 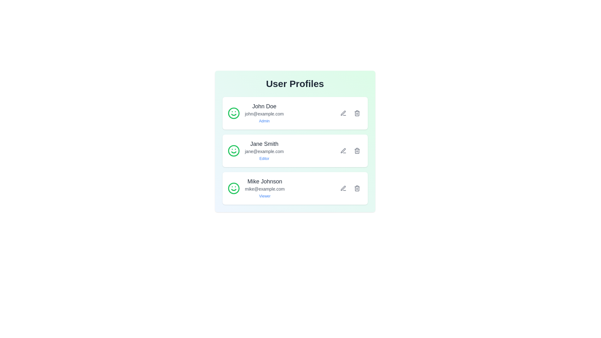 I want to click on the edit button for the user John Doe to modify their details, so click(x=343, y=113).